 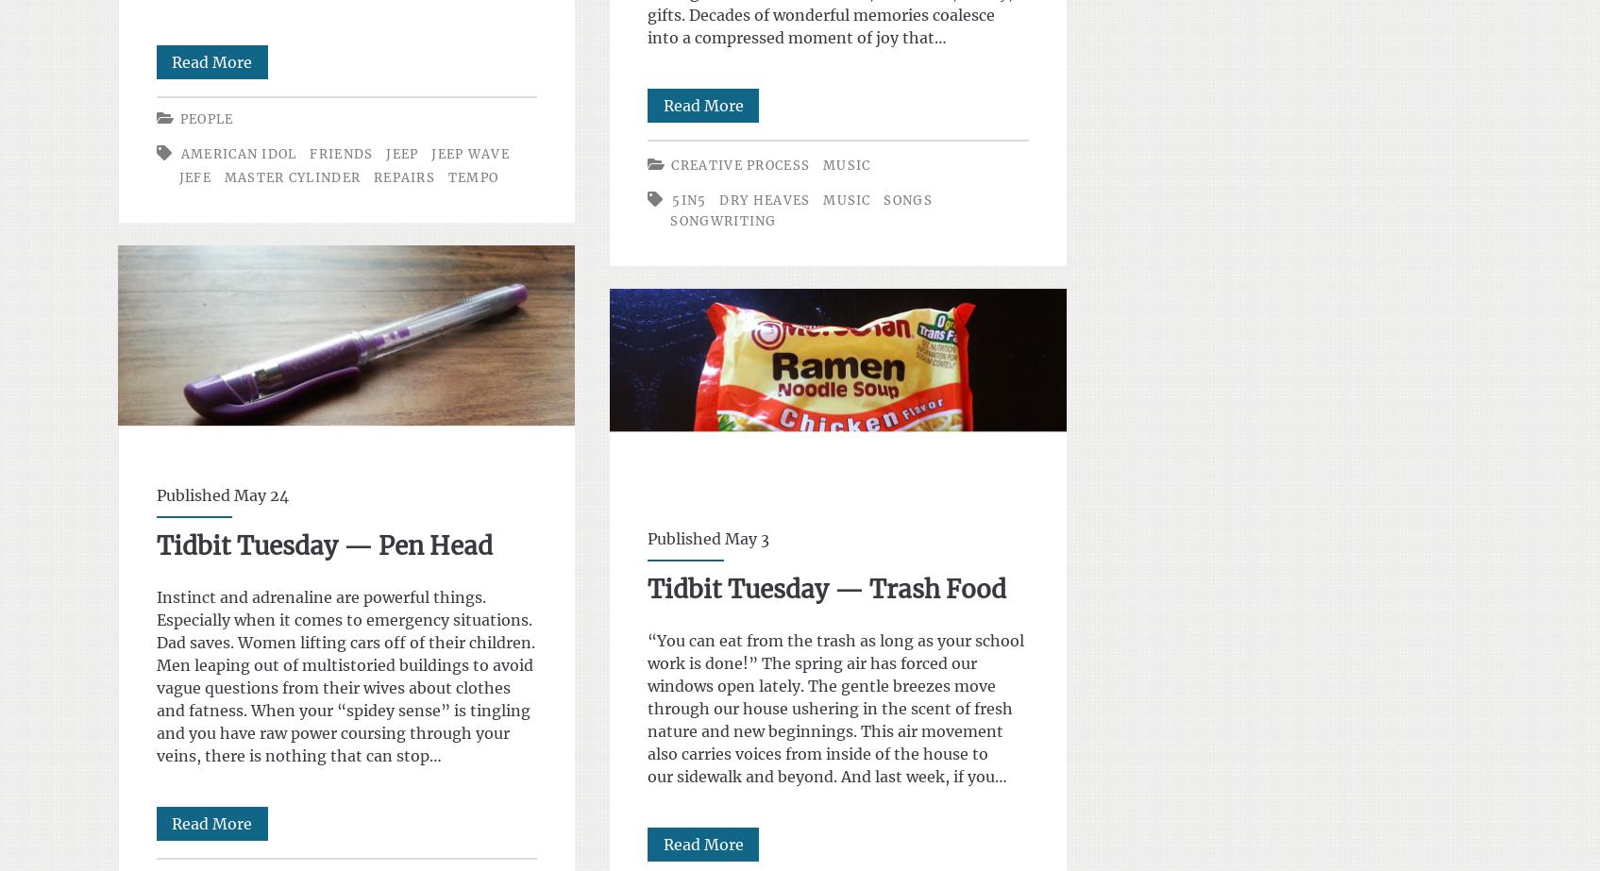 I want to click on 'master cylinder', so click(x=292, y=177).